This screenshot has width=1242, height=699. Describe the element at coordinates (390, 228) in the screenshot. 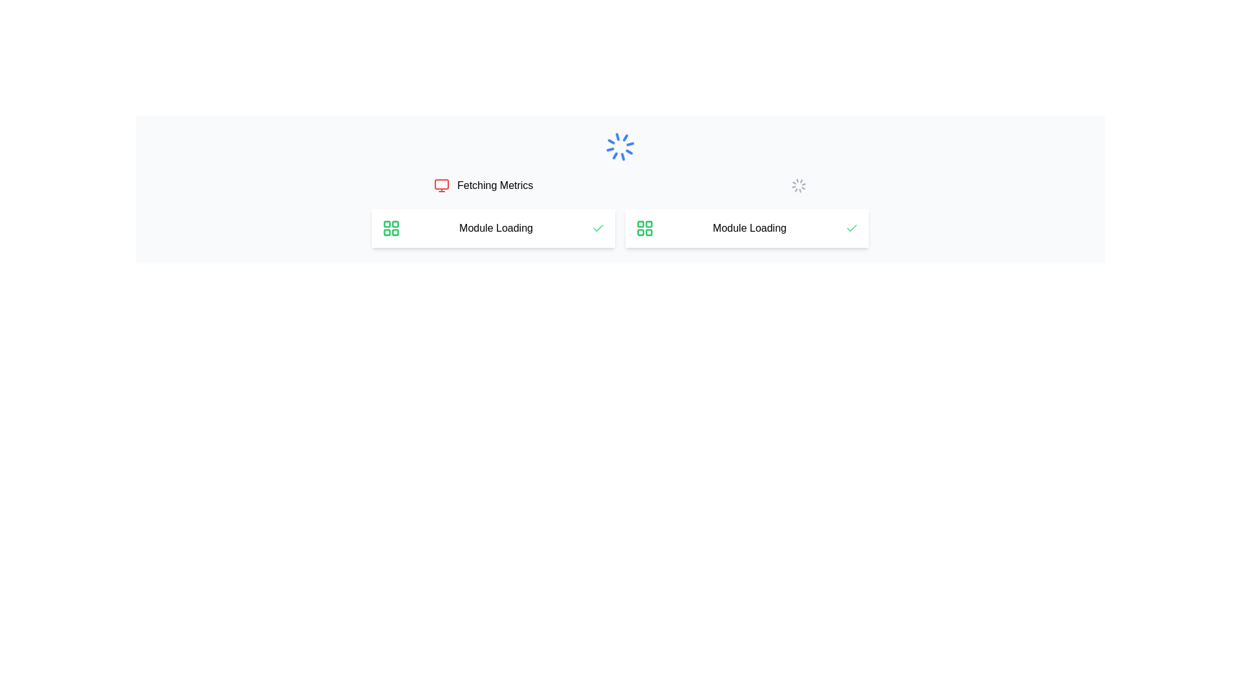

I see `the green grid layout icon consisting of four squares with rounded corners, located in the 'Module Loading' panel, adjacent to the text and before the green checkmark` at that location.